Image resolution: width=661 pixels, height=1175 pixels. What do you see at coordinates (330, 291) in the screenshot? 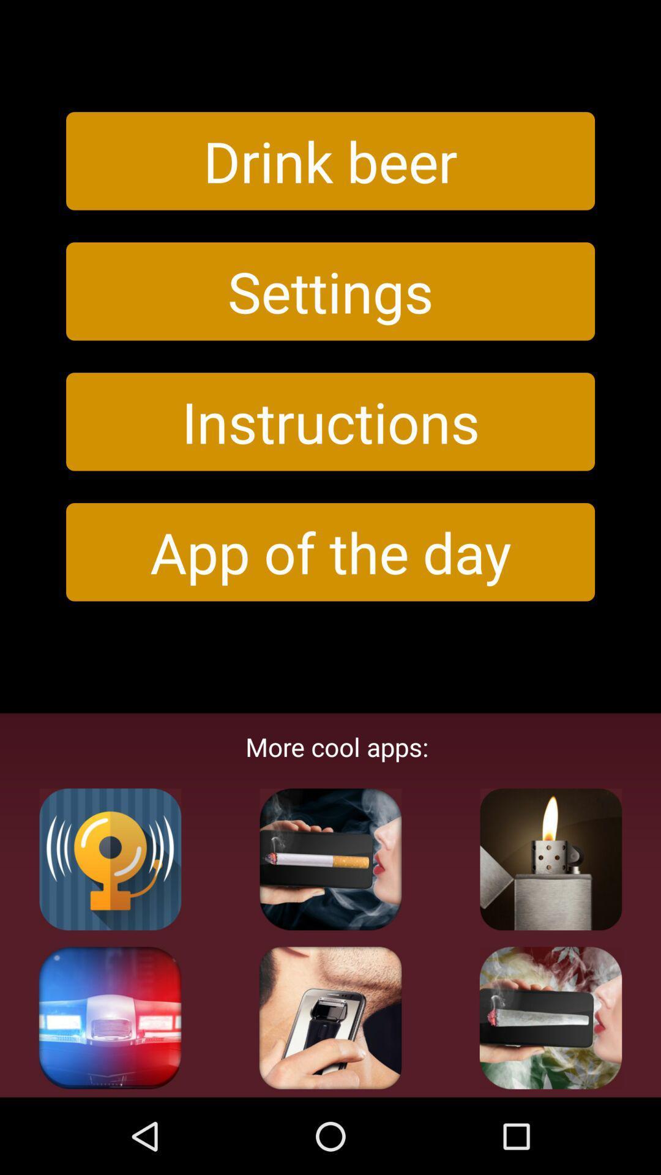
I see `button above instructions icon` at bounding box center [330, 291].